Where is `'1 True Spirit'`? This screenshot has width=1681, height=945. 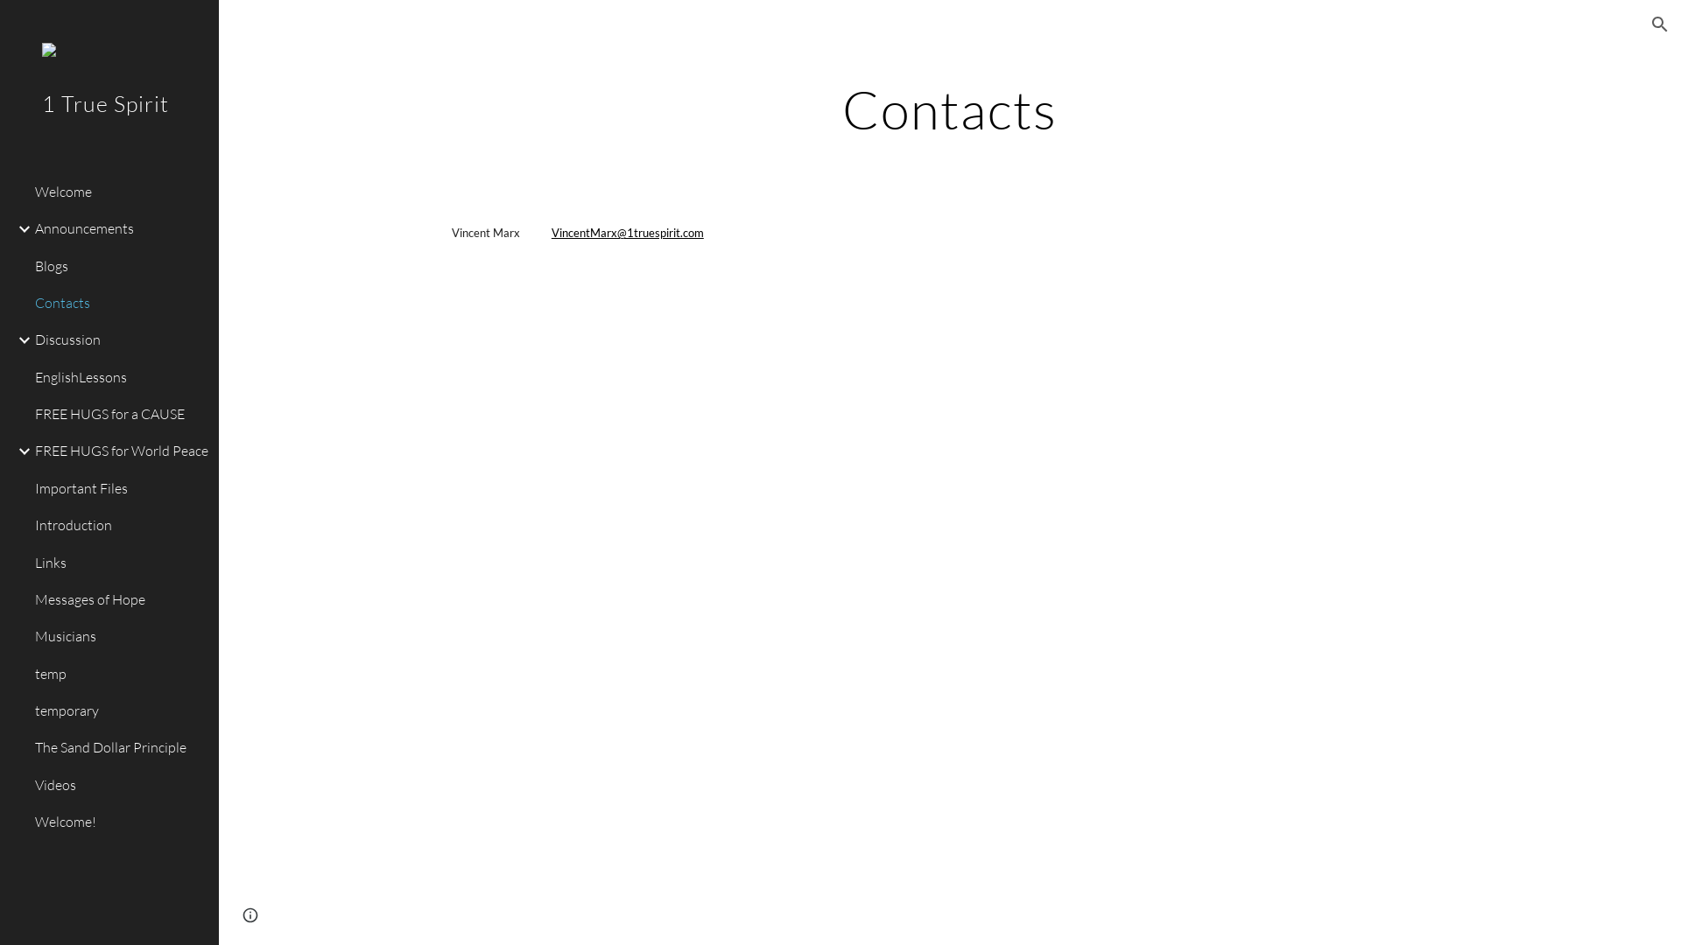 '1 True Spirit' is located at coordinates (108, 126).